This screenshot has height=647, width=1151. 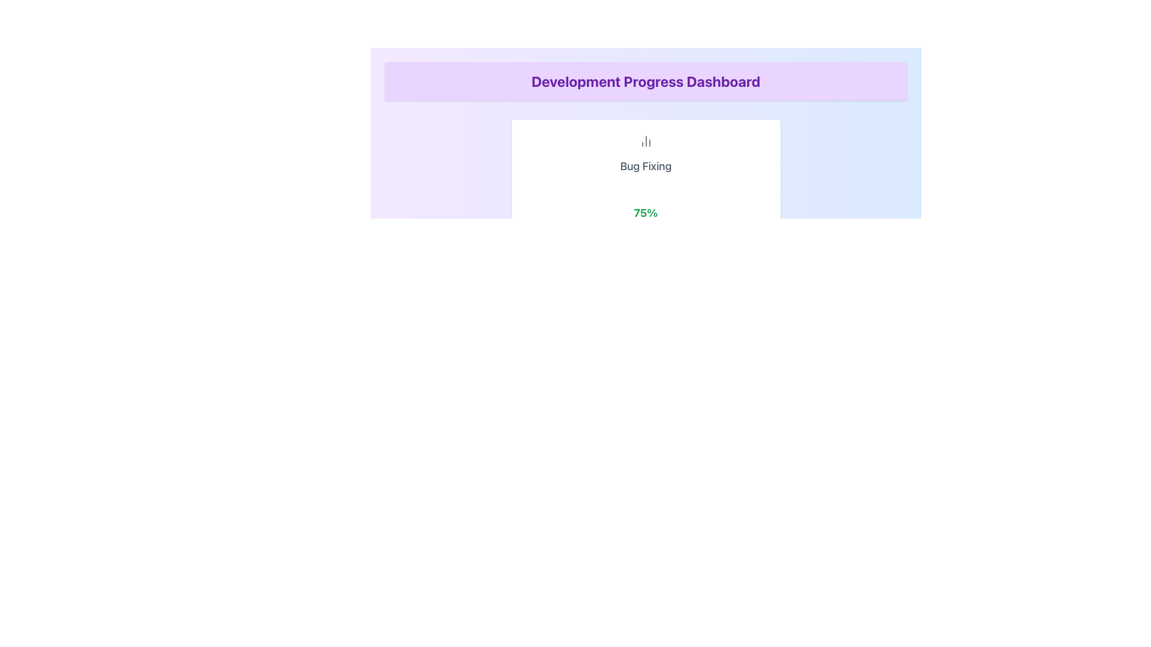 What do you see at coordinates (645, 166) in the screenshot?
I see `the text component displaying 'Bug Fixing' which is centrally aligned and positioned below the icon and above the '75%' display` at bounding box center [645, 166].